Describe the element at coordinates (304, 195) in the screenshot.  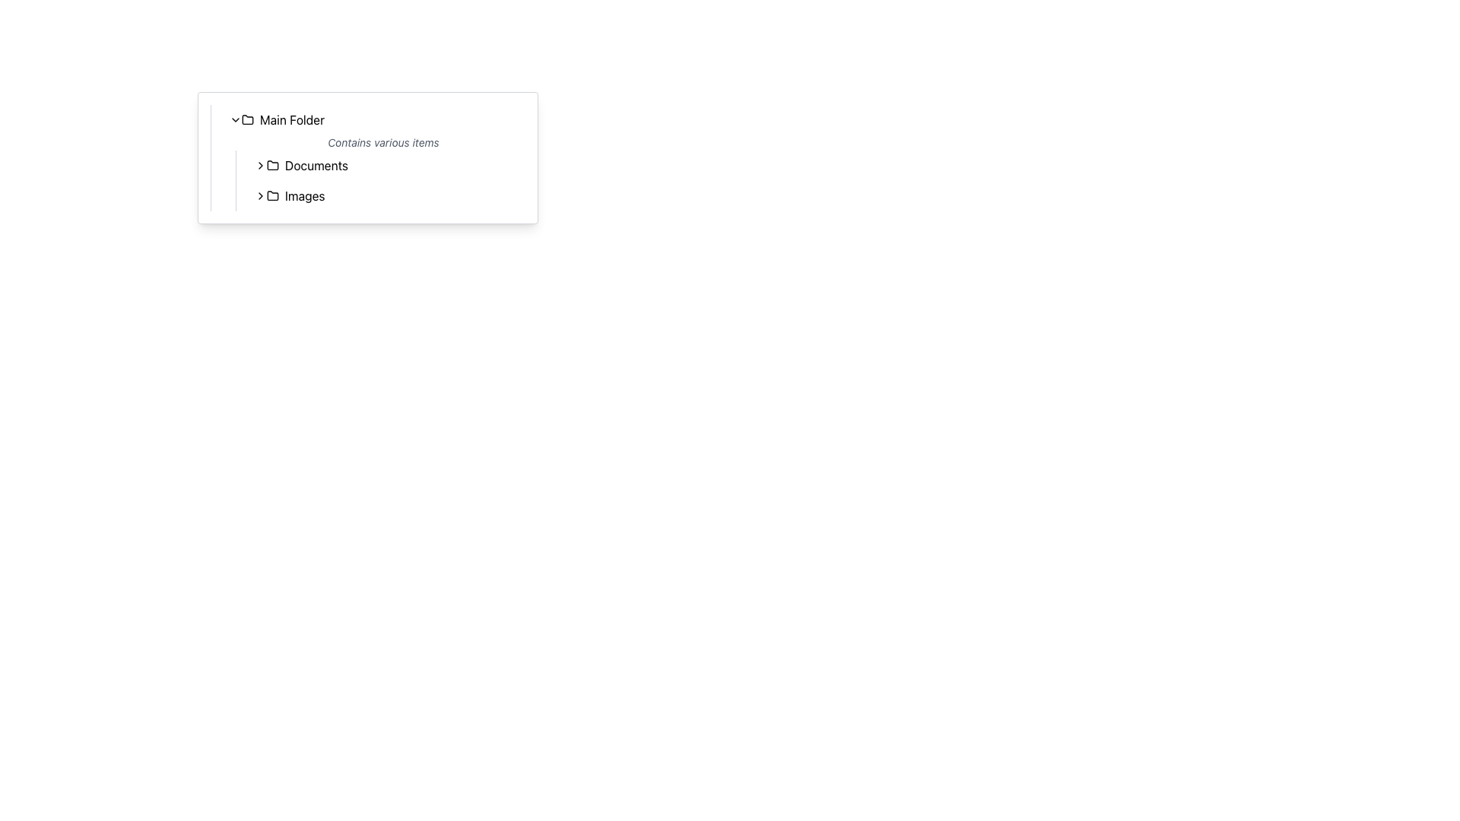
I see `the text element displaying 'Images', which is styled in a sans-serif font and located to the right of a folder icon in the third row of a vertical list under the 'Main Folder' in the 'Documents' subsection` at that location.